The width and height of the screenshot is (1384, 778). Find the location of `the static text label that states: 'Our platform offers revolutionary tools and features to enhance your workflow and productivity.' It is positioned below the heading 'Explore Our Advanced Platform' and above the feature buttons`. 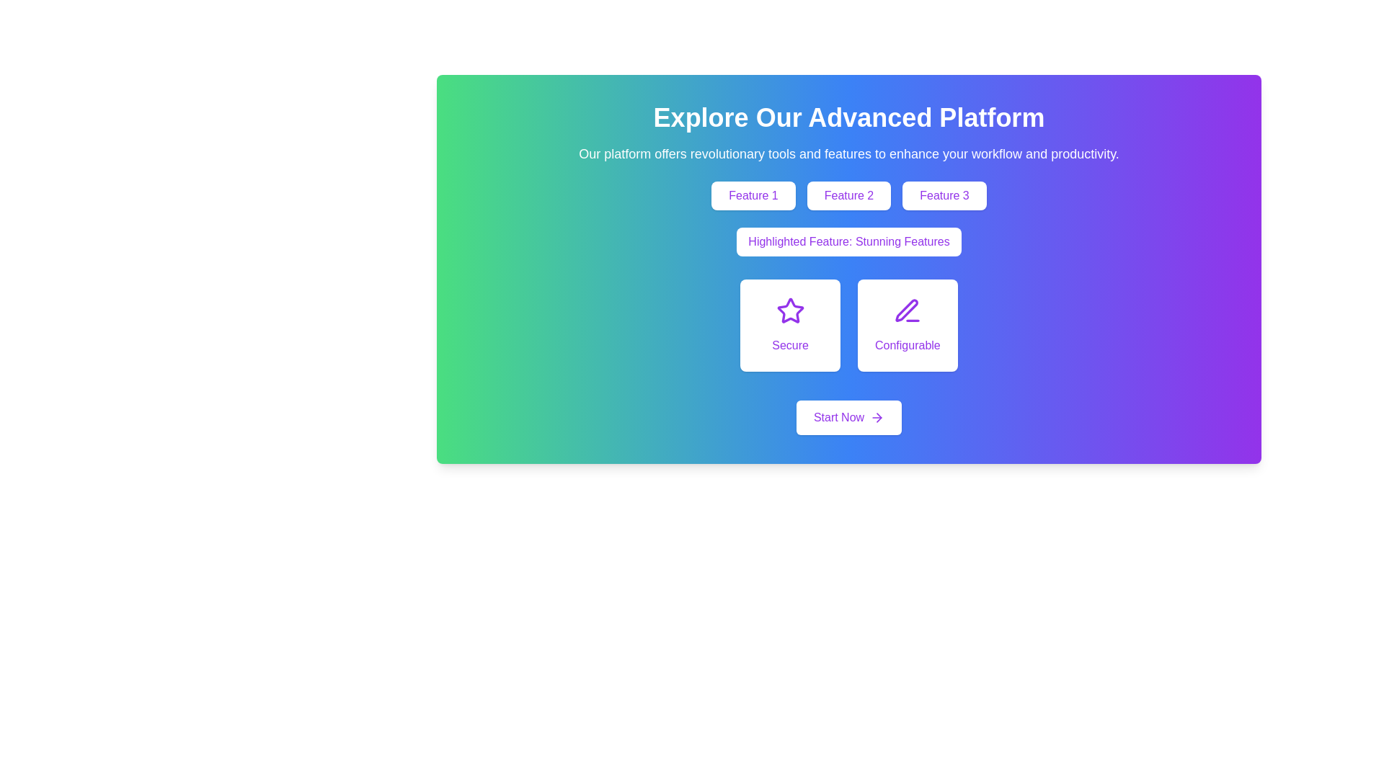

the static text label that states: 'Our platform offers revolutionary tools and features to enhance your workflow and productivity.' It is positioned below the heading 'Explore Our Advanced Platform' and above the feature buttons is located at coordinates (848, 153).